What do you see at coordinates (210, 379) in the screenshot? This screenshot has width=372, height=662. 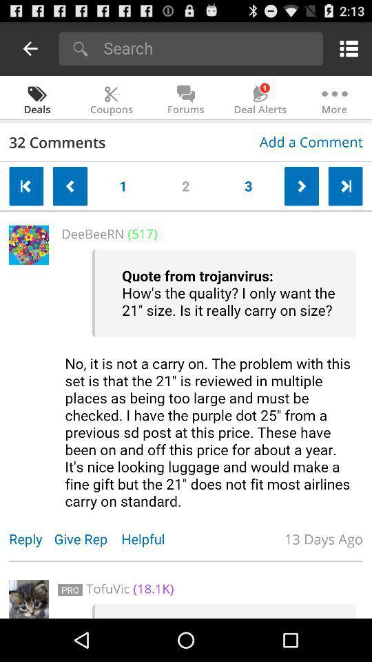 I see `copy the article` at bounding box center [210, 379].